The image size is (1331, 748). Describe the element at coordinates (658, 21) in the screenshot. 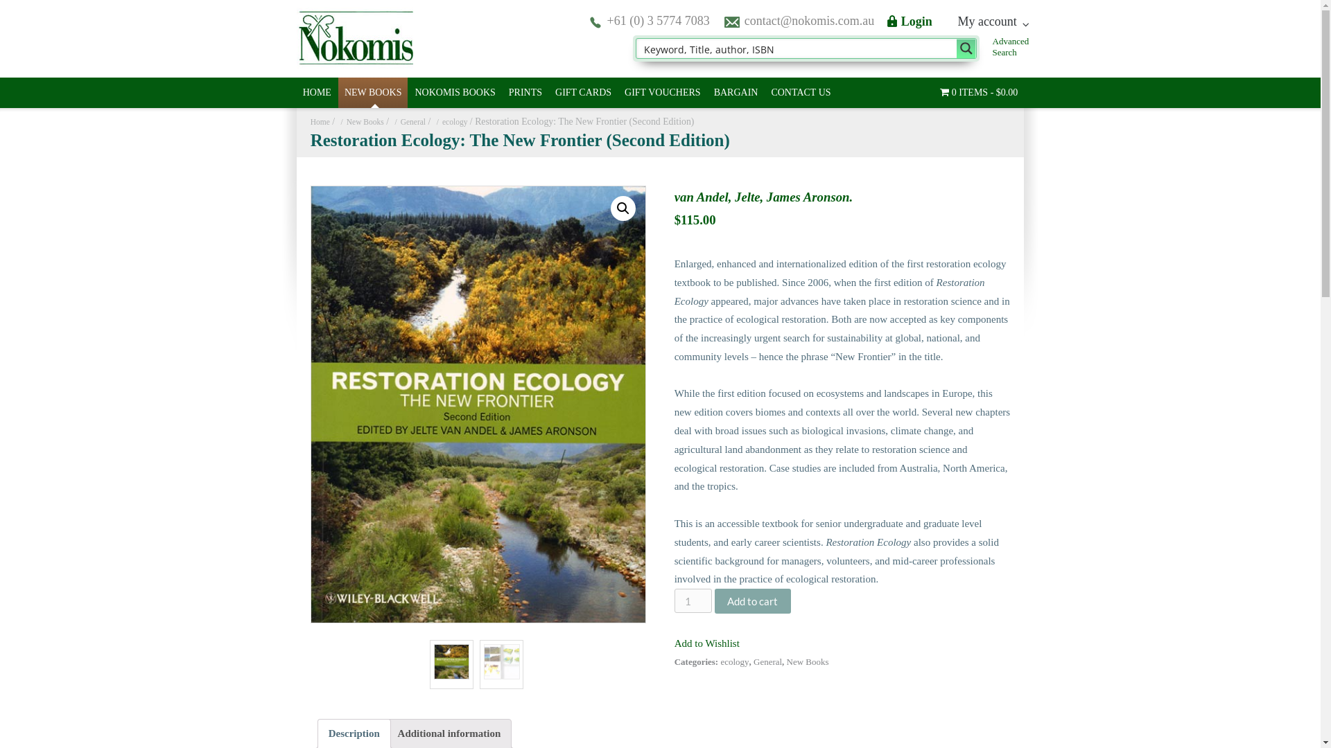

I see `'+61 (0) 3 5774 7083'` at that location.